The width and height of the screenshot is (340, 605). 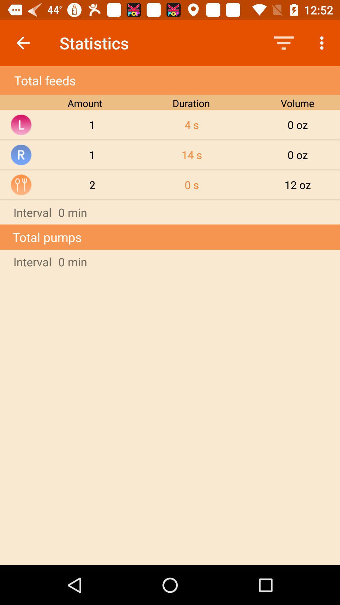 I want to click on the 0 s, so click(x=191, y=184).